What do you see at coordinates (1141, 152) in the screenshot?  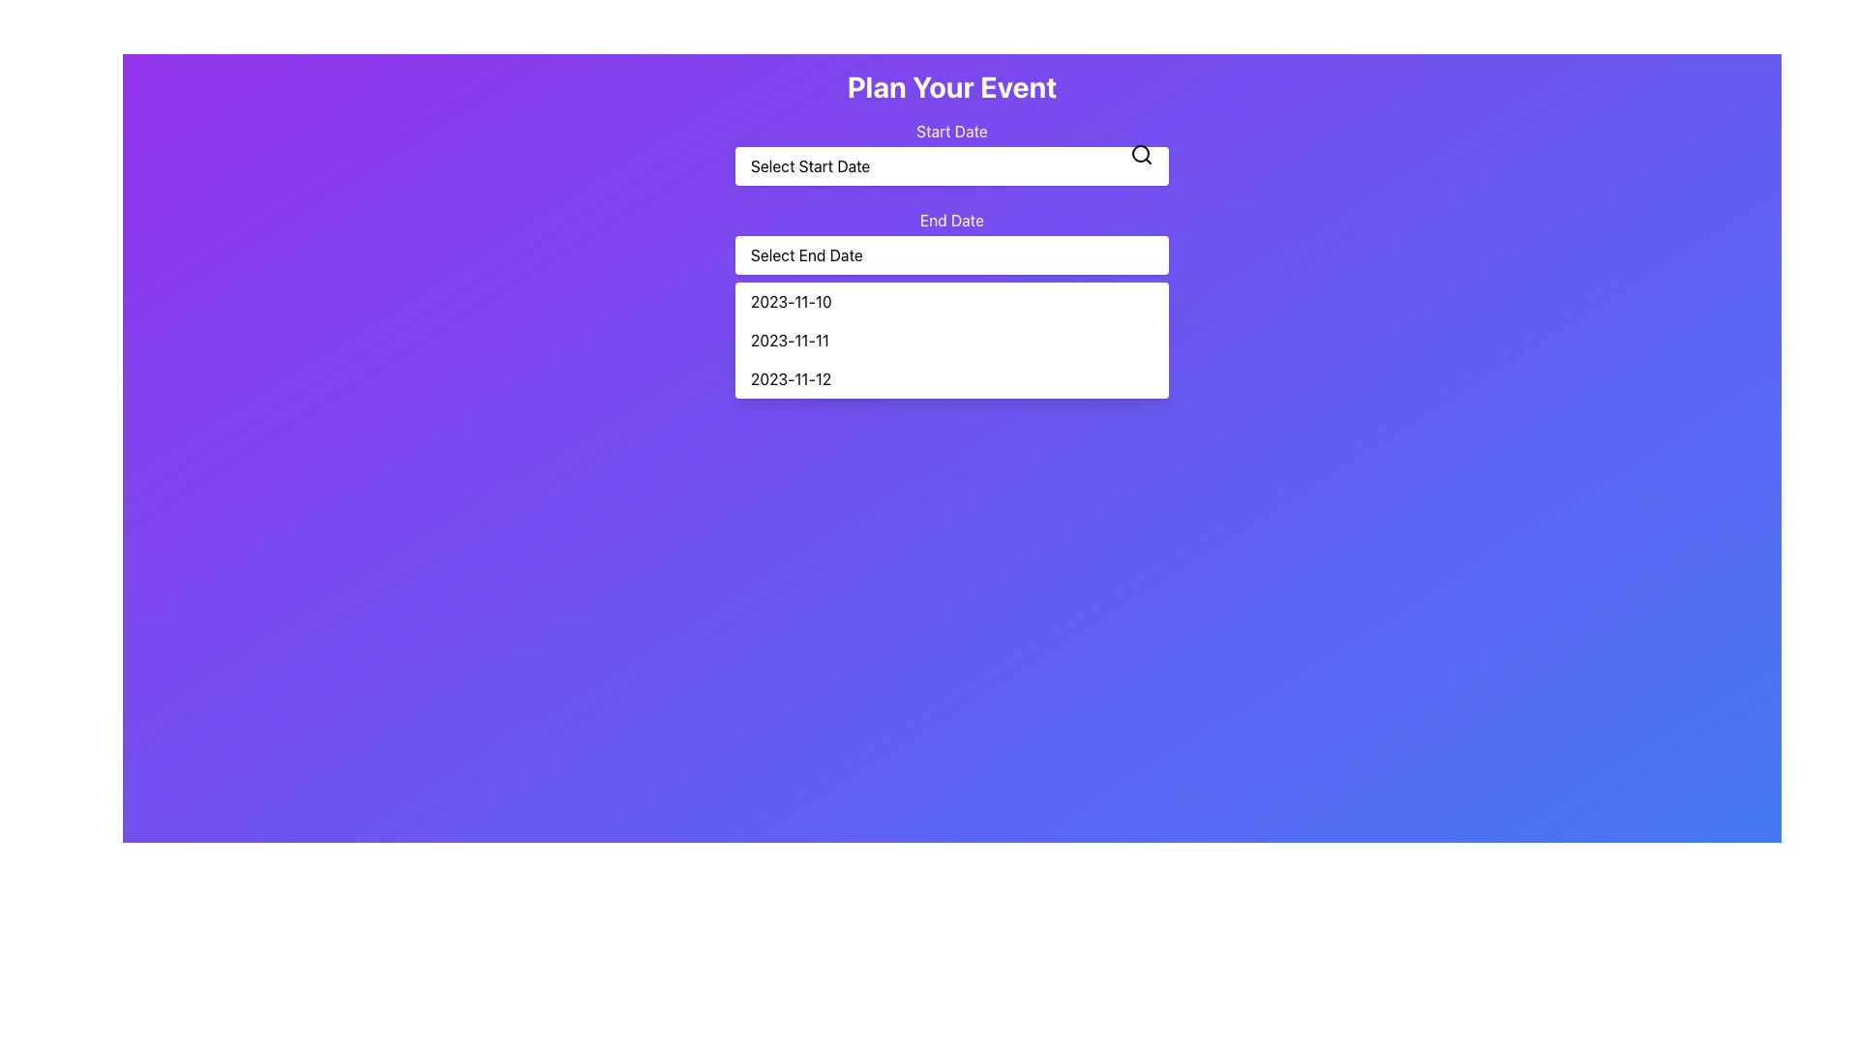 I see `the ornamental circular element of the SVG search icon located at the top-right corner of the 'Select Start Date' input field` at bounding box center [1141, 152].